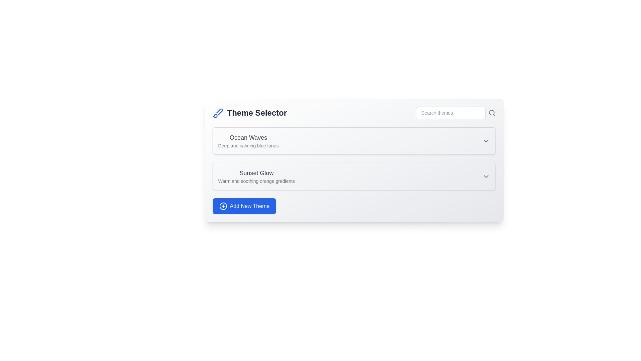 The height and width of the screenshot is (361, 641). Describe the element at coordinates (486, 176) in the screenshot. I see `the downward-pointing gray chevron icon for the dropdown toggle located in the 'Sunset Glow' section` at that location.